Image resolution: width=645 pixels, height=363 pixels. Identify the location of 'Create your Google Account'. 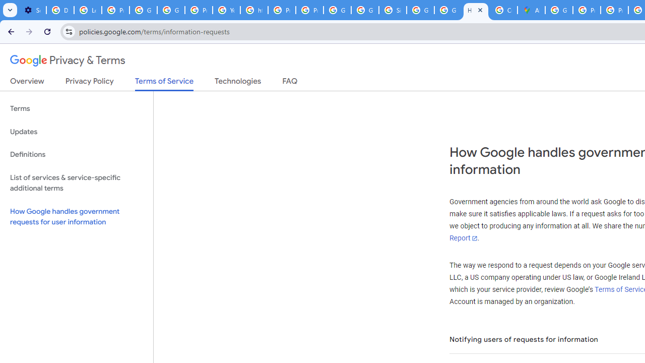
(503, 10).